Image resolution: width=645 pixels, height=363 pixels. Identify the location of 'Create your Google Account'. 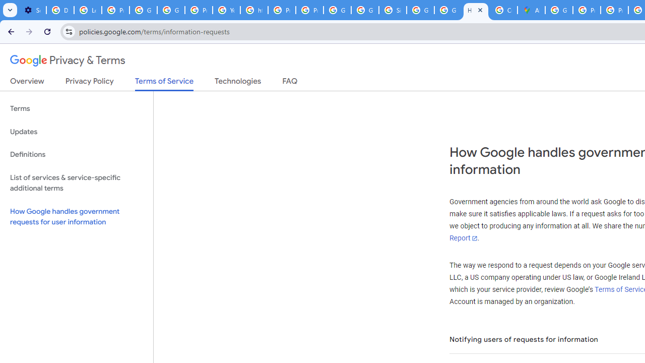
(503, 10).